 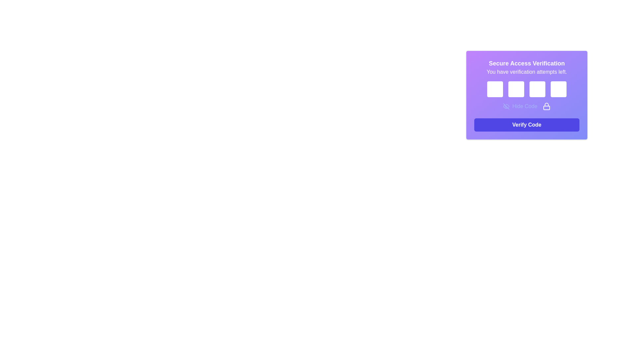 What do you see at coordinates (546, 106) in the screenshot?
I see `the security icon located to the right of the 'Hide Code' text at the bottom center of the modal section` at bounding box center [546, 106].